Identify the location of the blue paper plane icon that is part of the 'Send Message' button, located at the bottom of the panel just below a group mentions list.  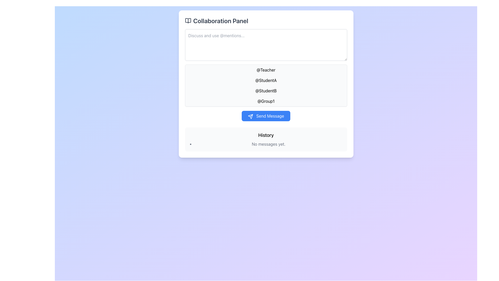
(251, 116).